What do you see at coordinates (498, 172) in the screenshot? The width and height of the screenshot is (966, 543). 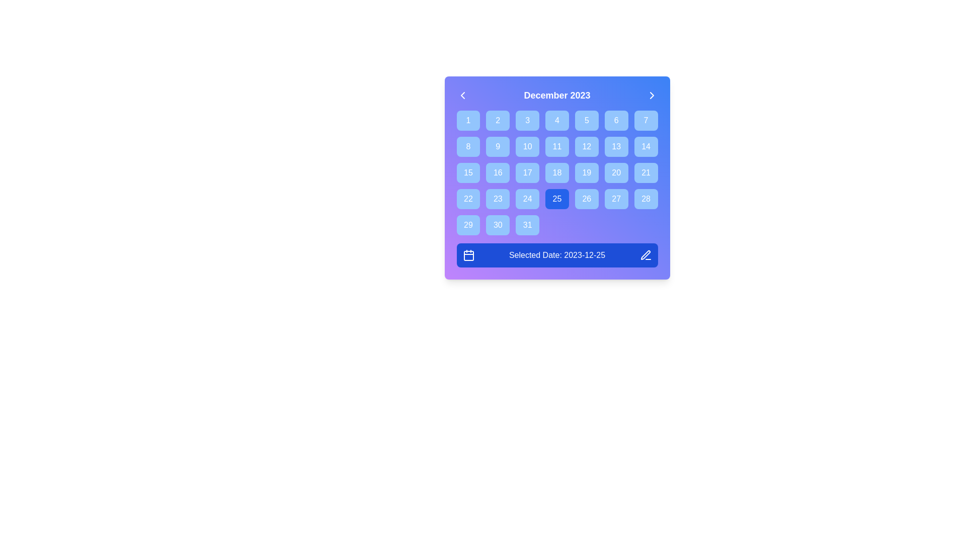 I see `the date selector button for the 16th day of the month within the calendar` at bounding box center [498, 172].